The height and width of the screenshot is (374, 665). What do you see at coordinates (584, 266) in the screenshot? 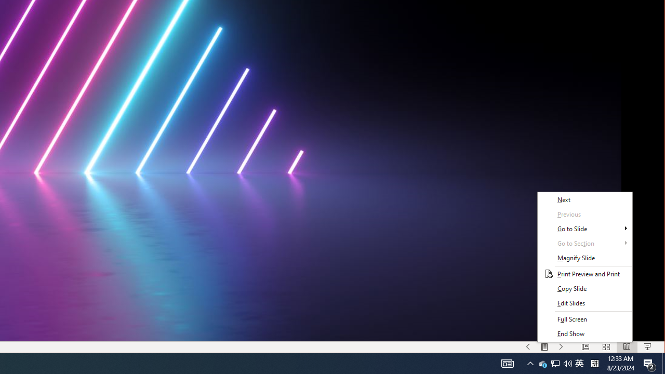
I see `'Class: NetUITWMenuContainer'` at bounding box center [584, 266].